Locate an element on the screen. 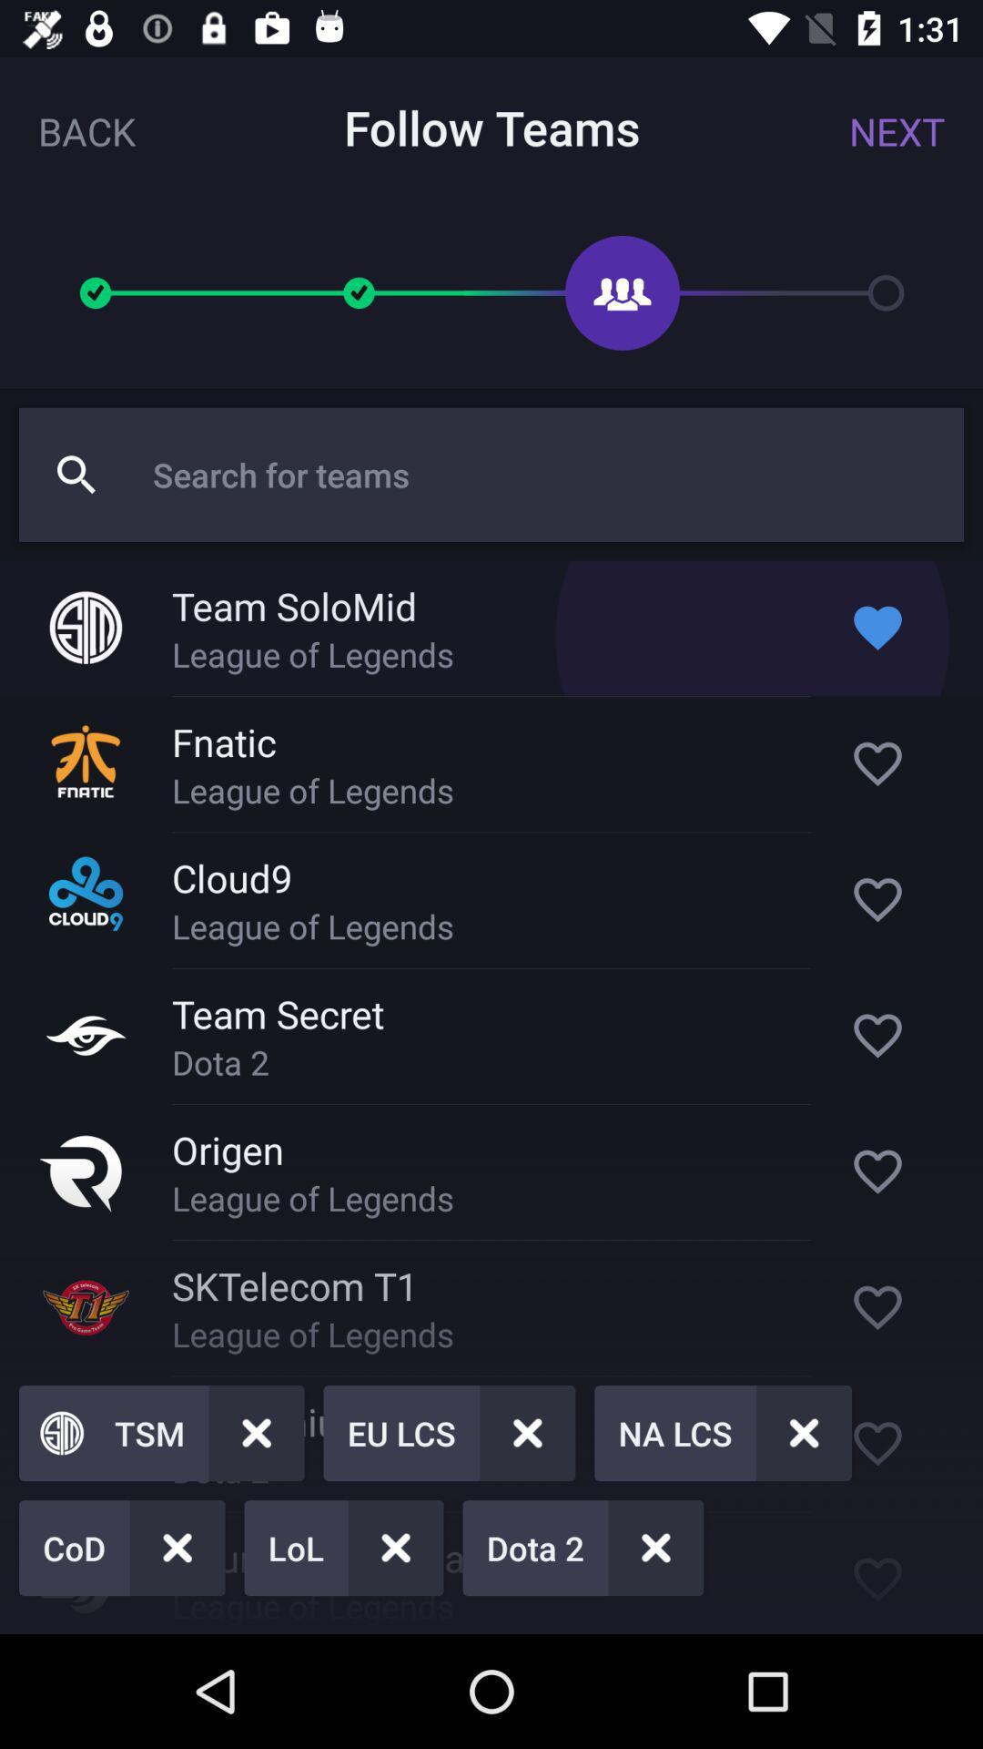 The height and width of the screenshot is (1749, 983). the back is located at coordinates (86, 130).